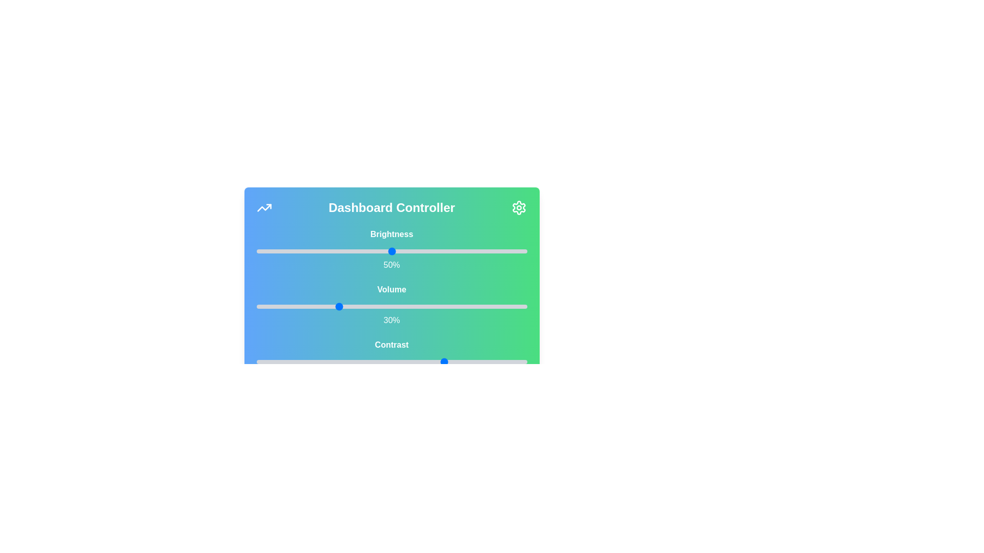 This screenshot has height=553, width=984. Describe the element at coordinates (514, 251) in the screenshot. I see `the brightness slider to 95%` at that location.